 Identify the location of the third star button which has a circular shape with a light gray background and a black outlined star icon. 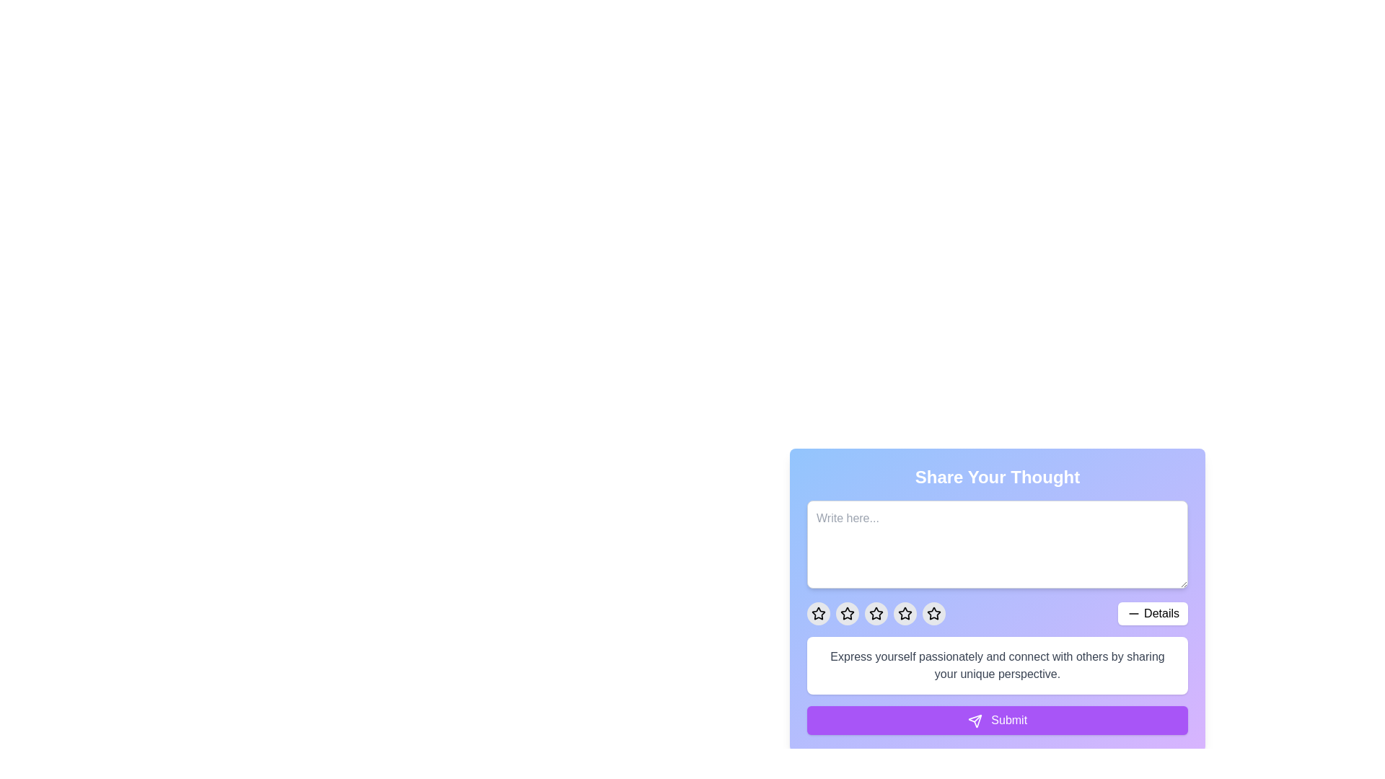
(875, 614).